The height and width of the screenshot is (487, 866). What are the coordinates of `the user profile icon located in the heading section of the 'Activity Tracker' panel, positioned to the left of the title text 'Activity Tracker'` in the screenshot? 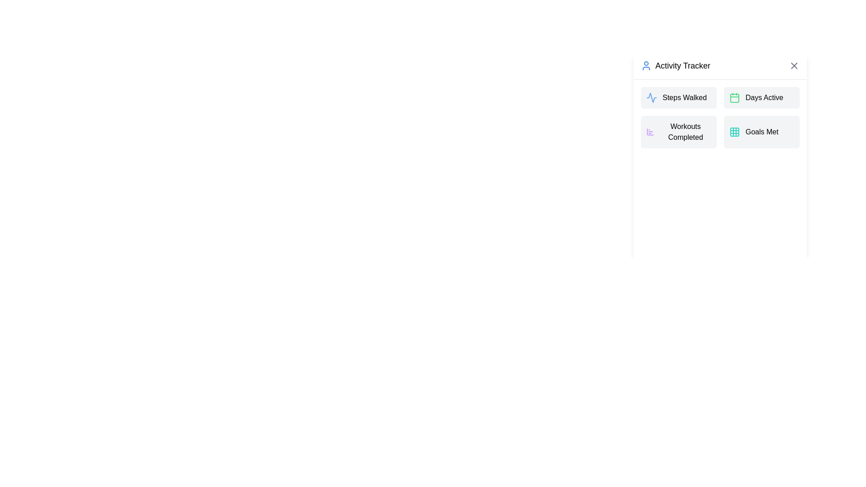 It's located at (646, 65).